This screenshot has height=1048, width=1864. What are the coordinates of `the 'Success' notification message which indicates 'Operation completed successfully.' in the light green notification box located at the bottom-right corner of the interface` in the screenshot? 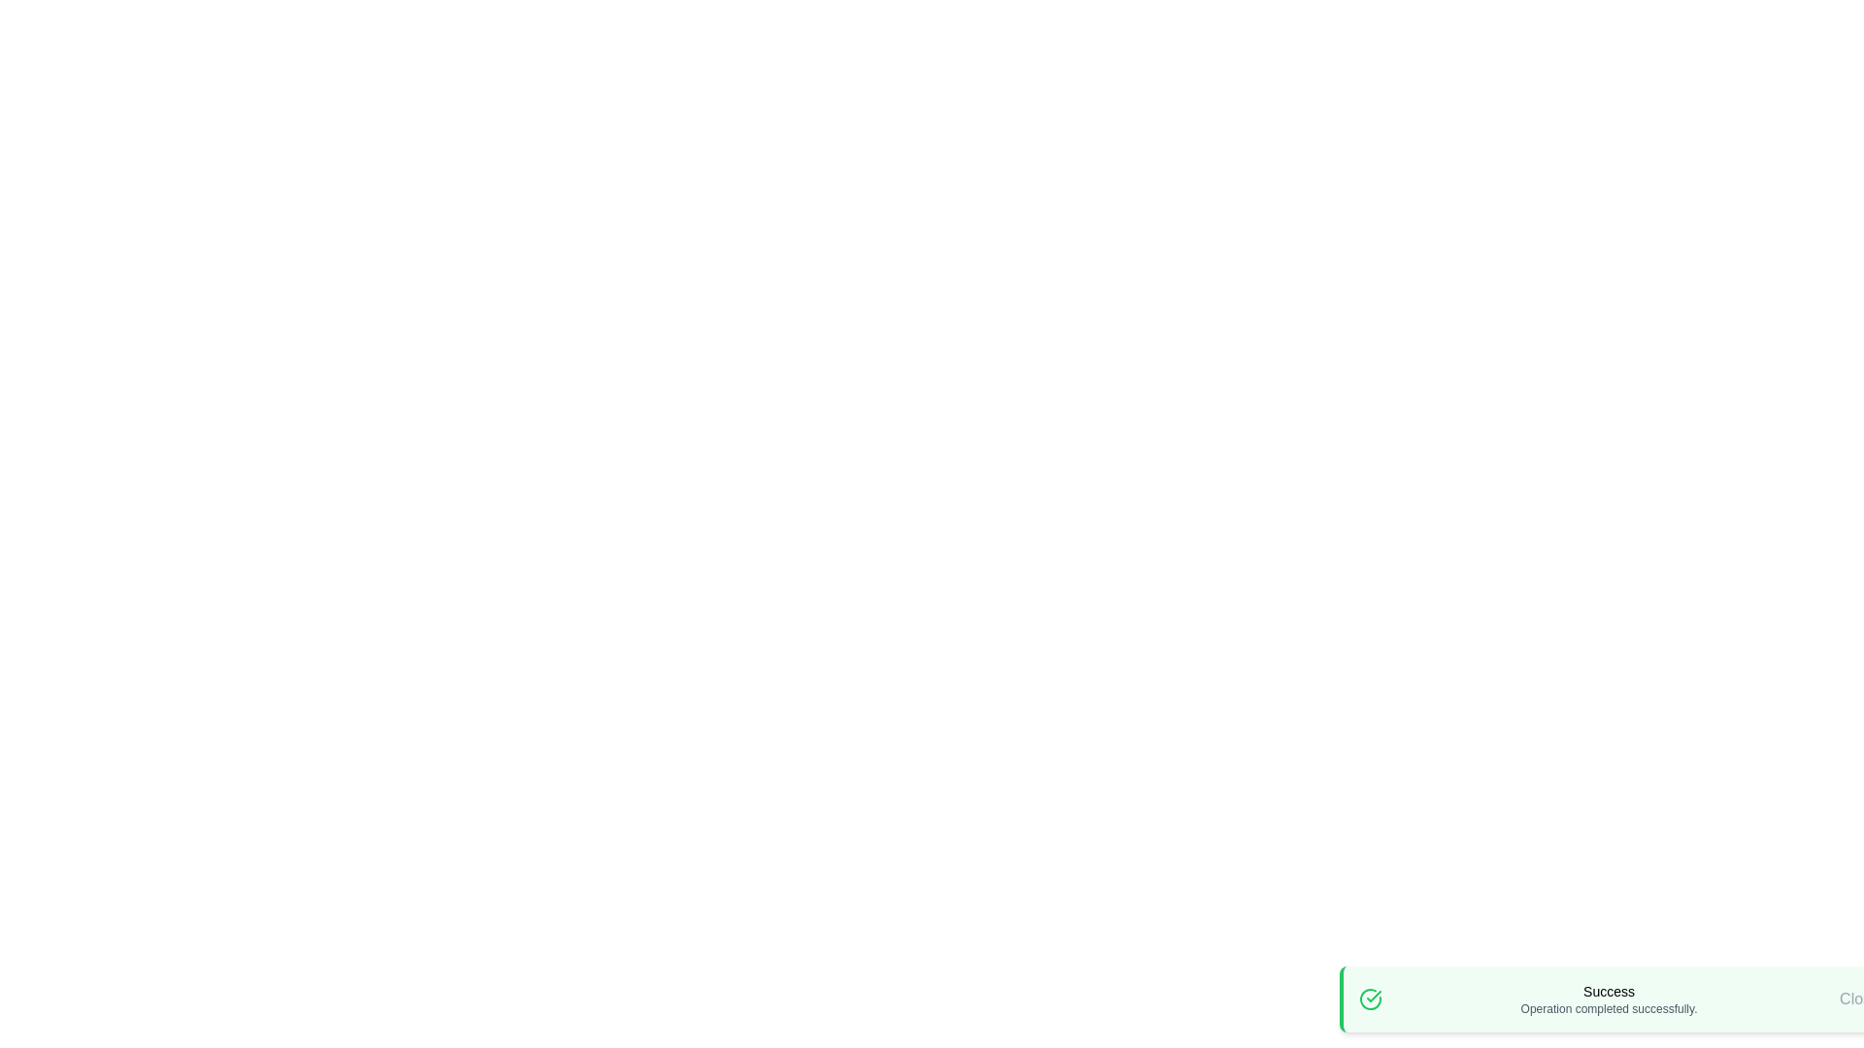 It's located at (1609, 999).